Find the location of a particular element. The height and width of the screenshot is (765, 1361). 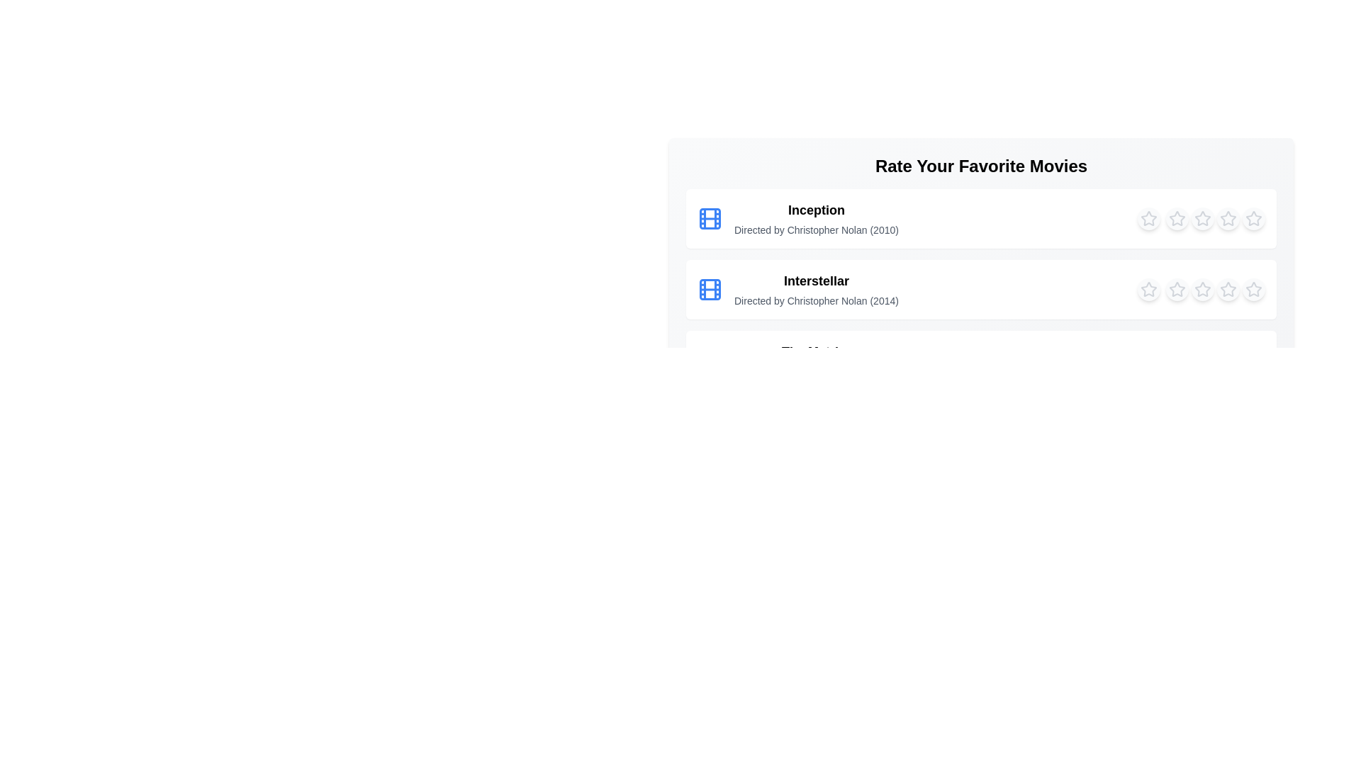

the 1 star to highlight it is located at coordinates (1149, 218).